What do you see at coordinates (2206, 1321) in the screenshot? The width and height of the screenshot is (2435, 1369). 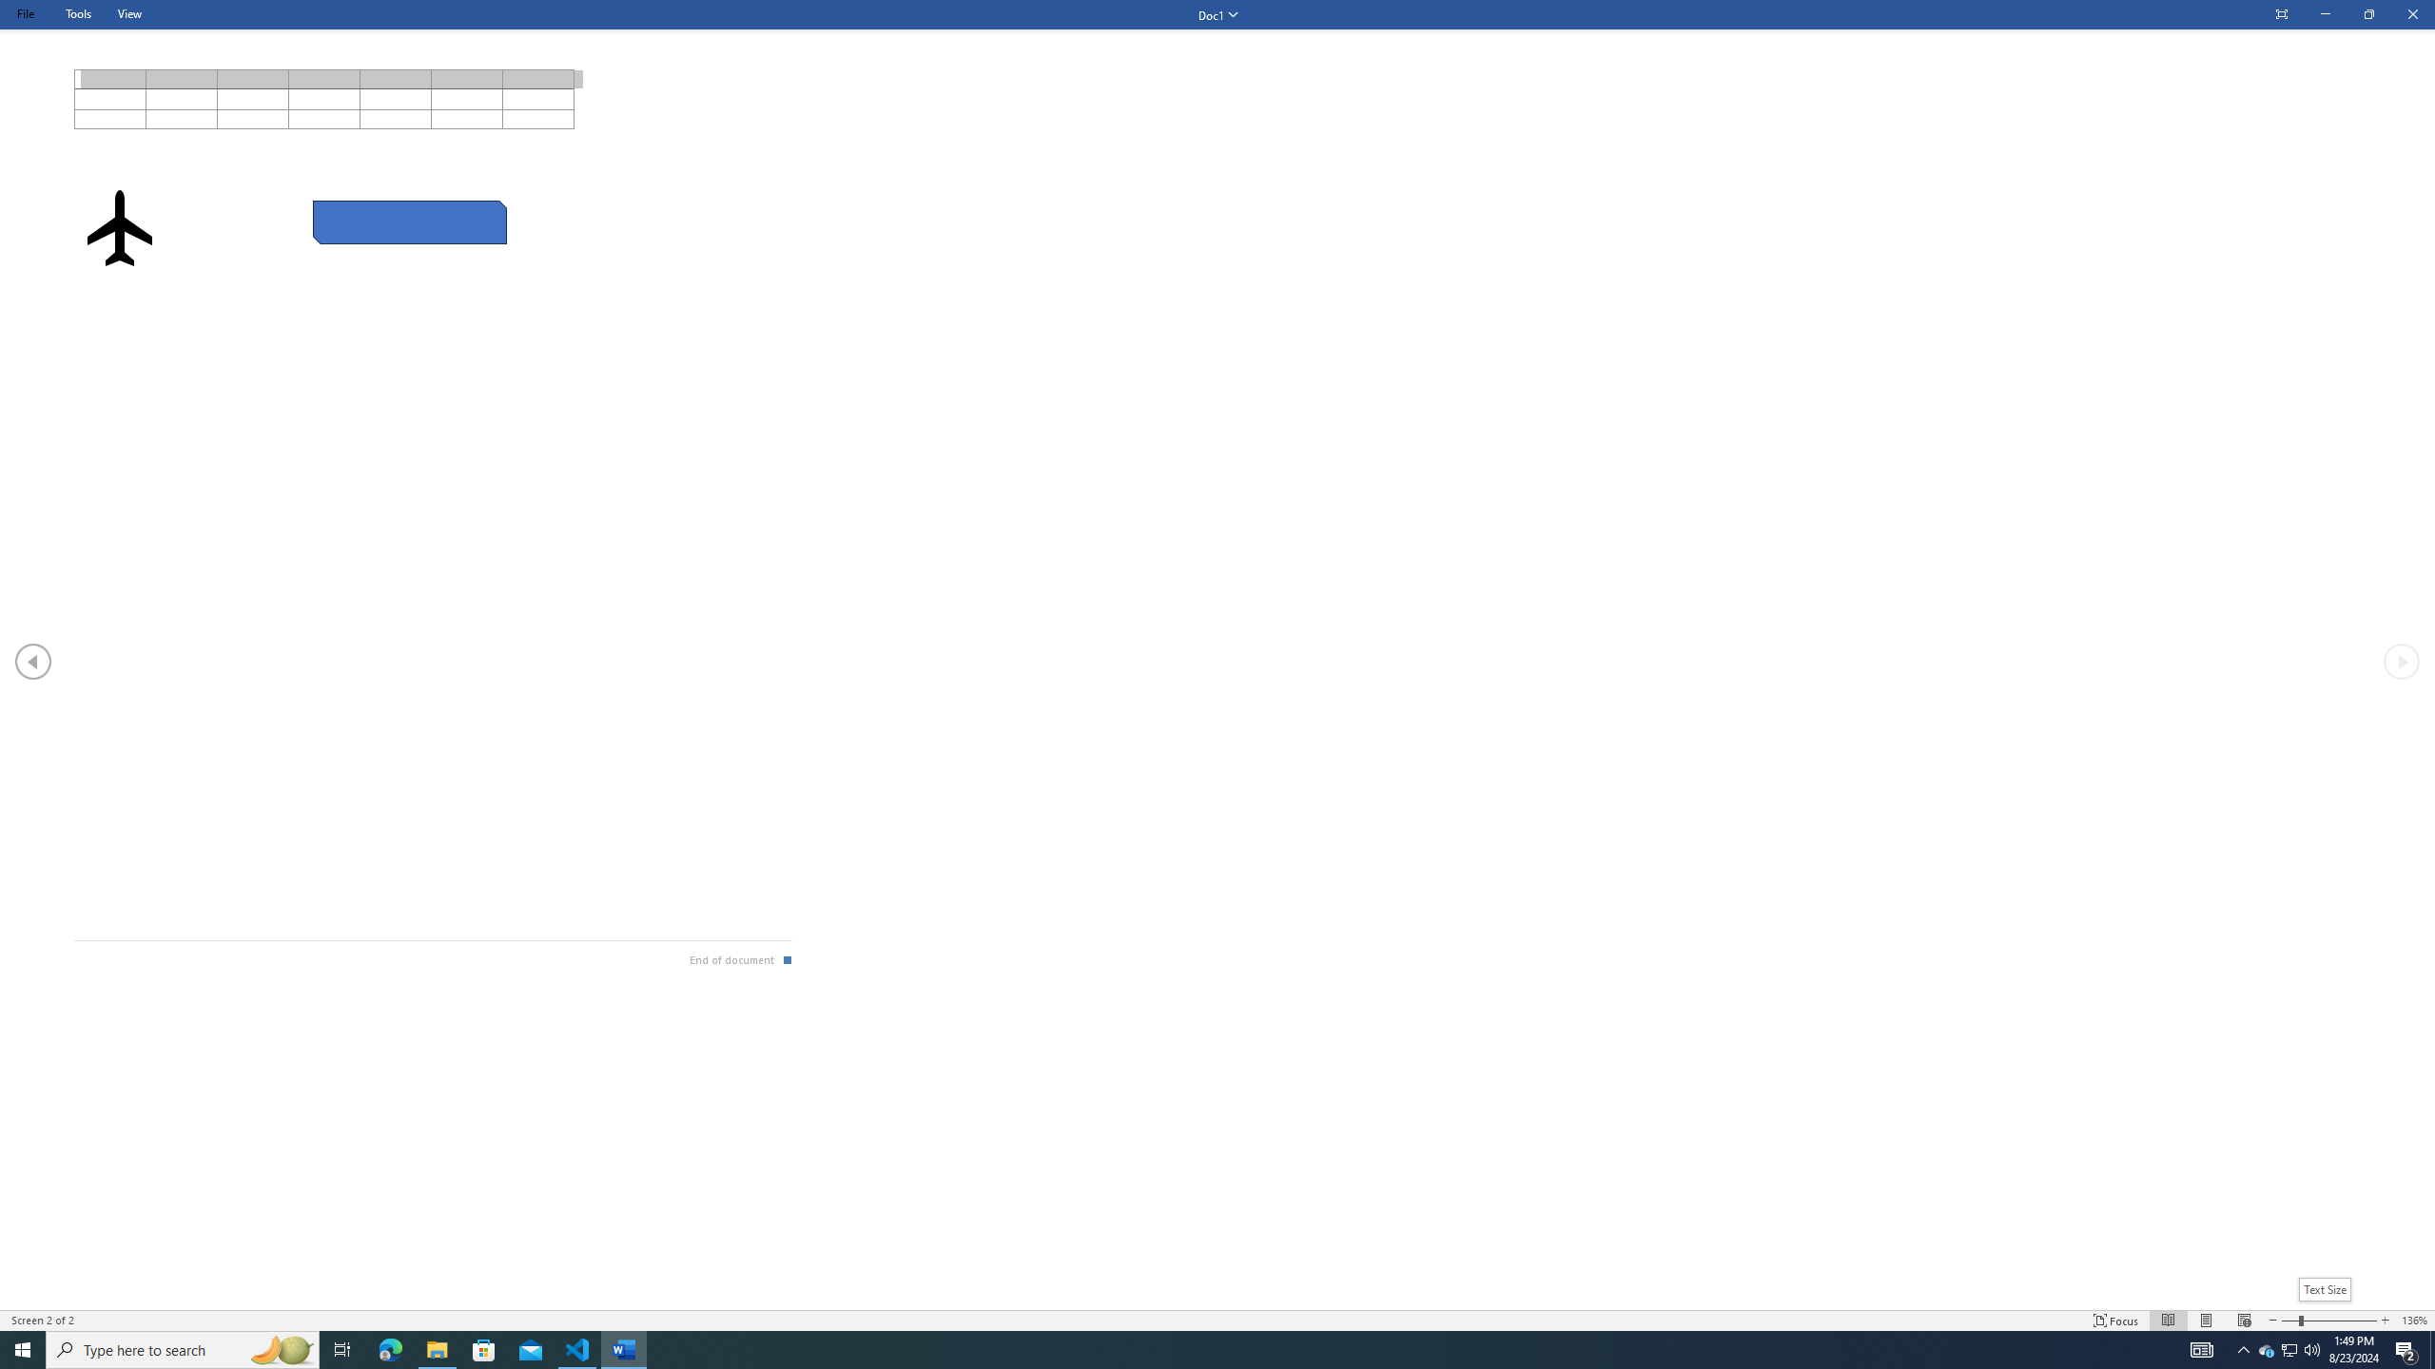 I see `'Print Layout'` at bounding box center [2206, 1321].